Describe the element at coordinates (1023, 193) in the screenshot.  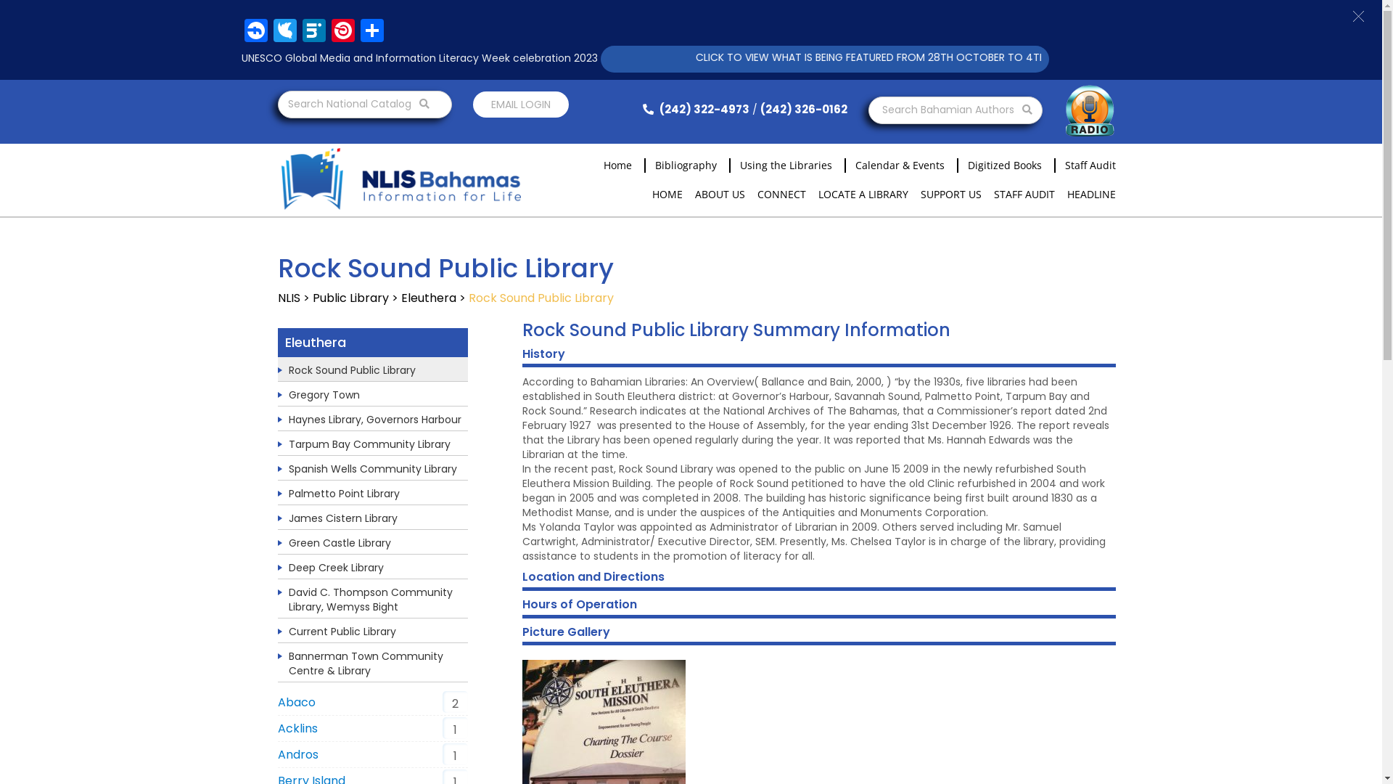
I see `'STAFF AUDIT'` at that location.